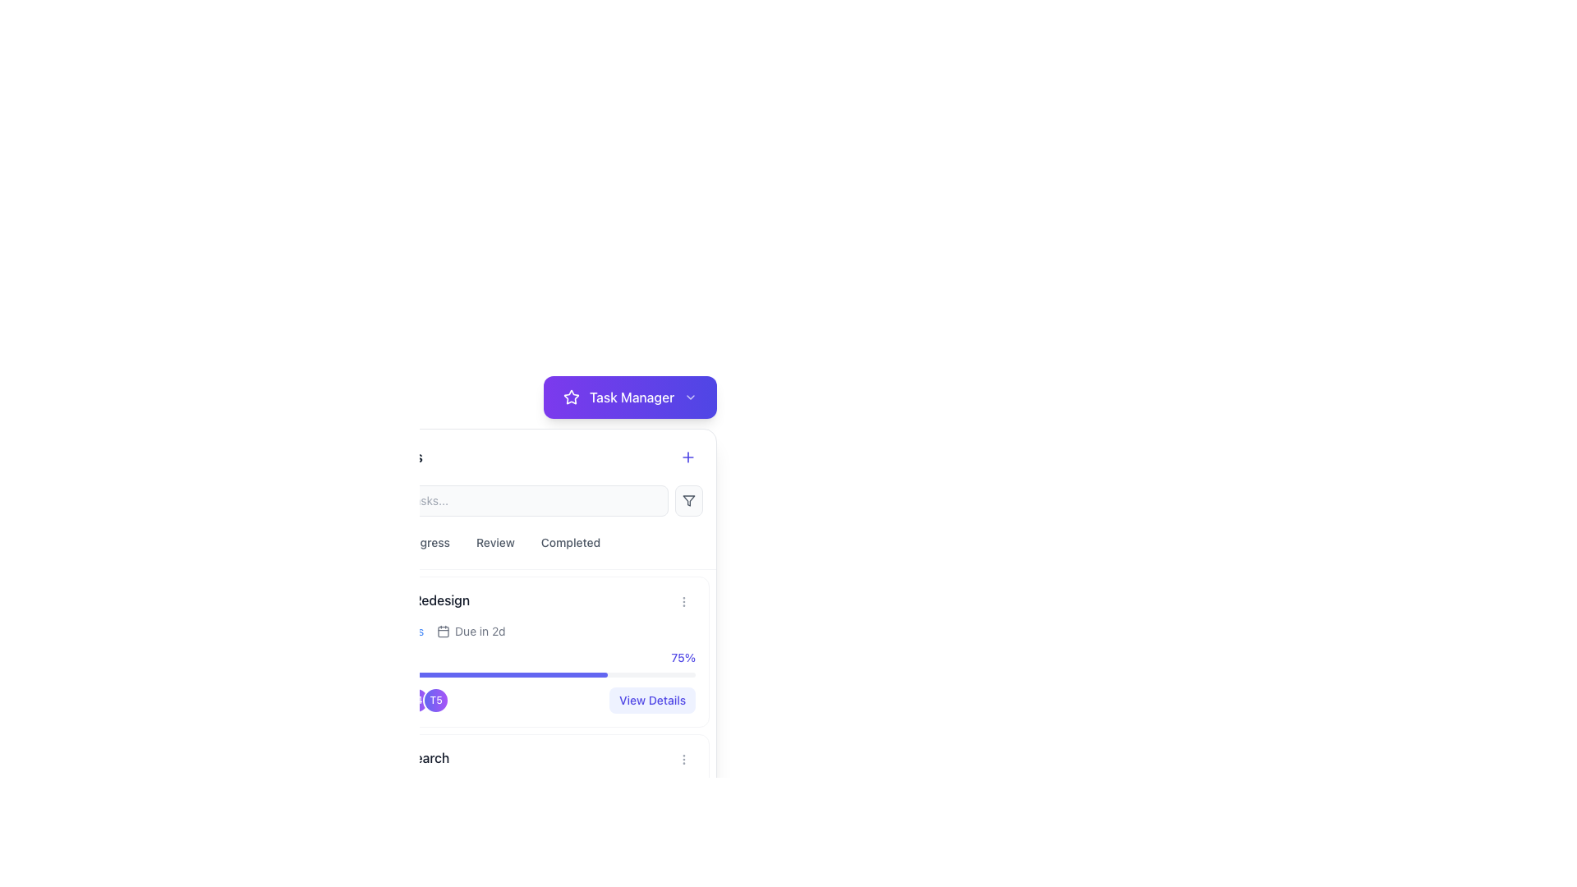 The height and width of the screenshot is (887, 1577). Describe the element at coordinates (683, 657) in the screenshot. I see `the text label displaying '75%' in bold indigo-blue font` at that location.